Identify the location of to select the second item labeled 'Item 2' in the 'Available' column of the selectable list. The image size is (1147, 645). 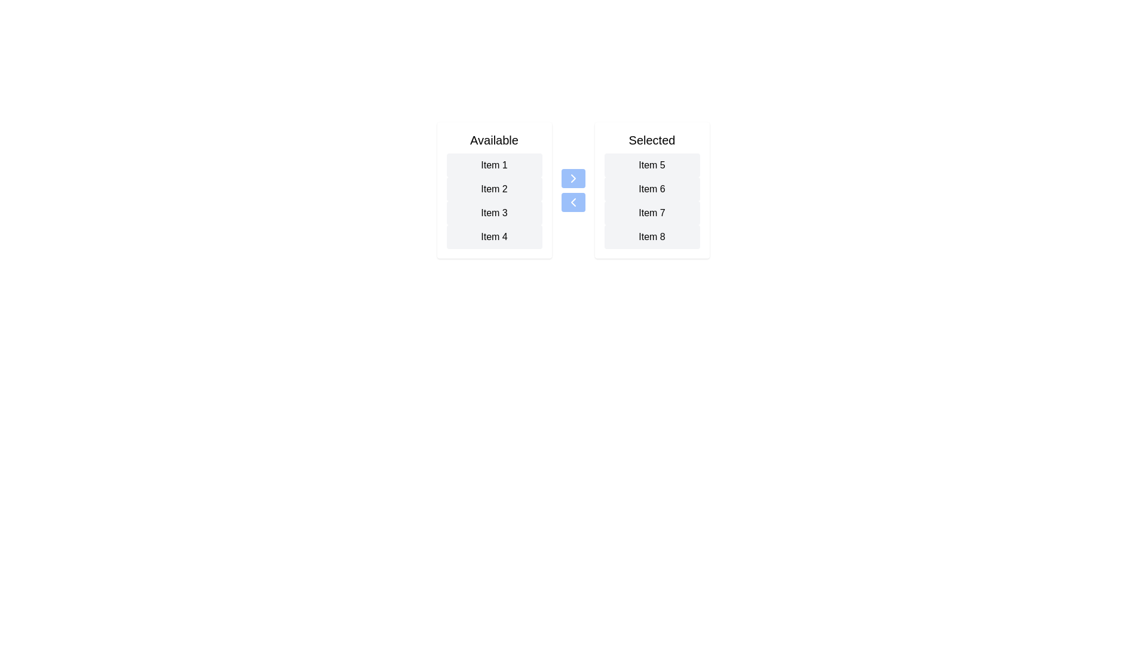
(494, 188).